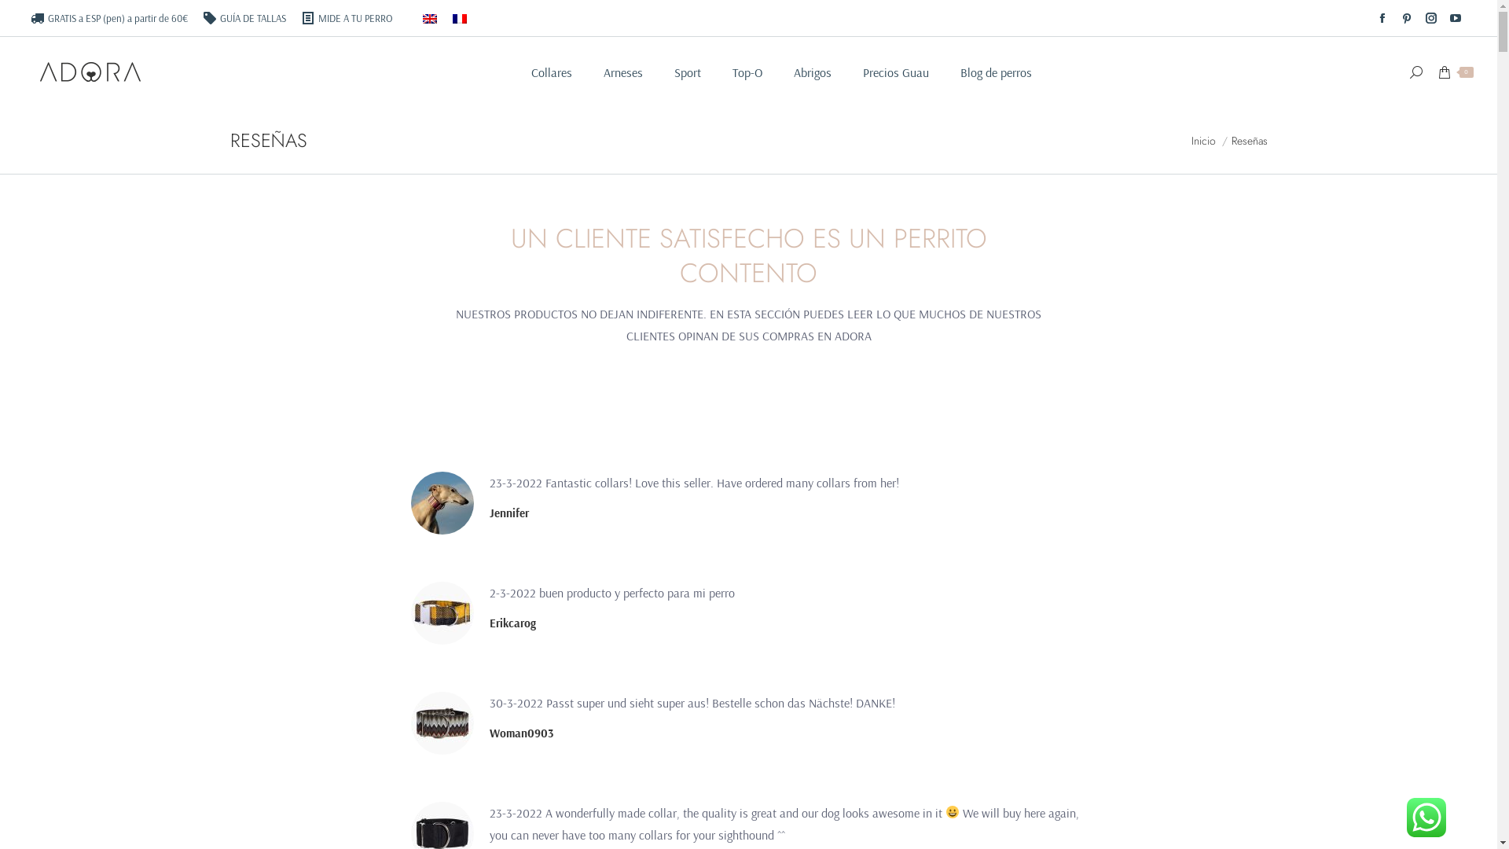 The height and width of the screenshot is (849, 1509). Describe the element at coordinates (896, 72) in the screenshot. I see `'Precios Guau'` at that location.